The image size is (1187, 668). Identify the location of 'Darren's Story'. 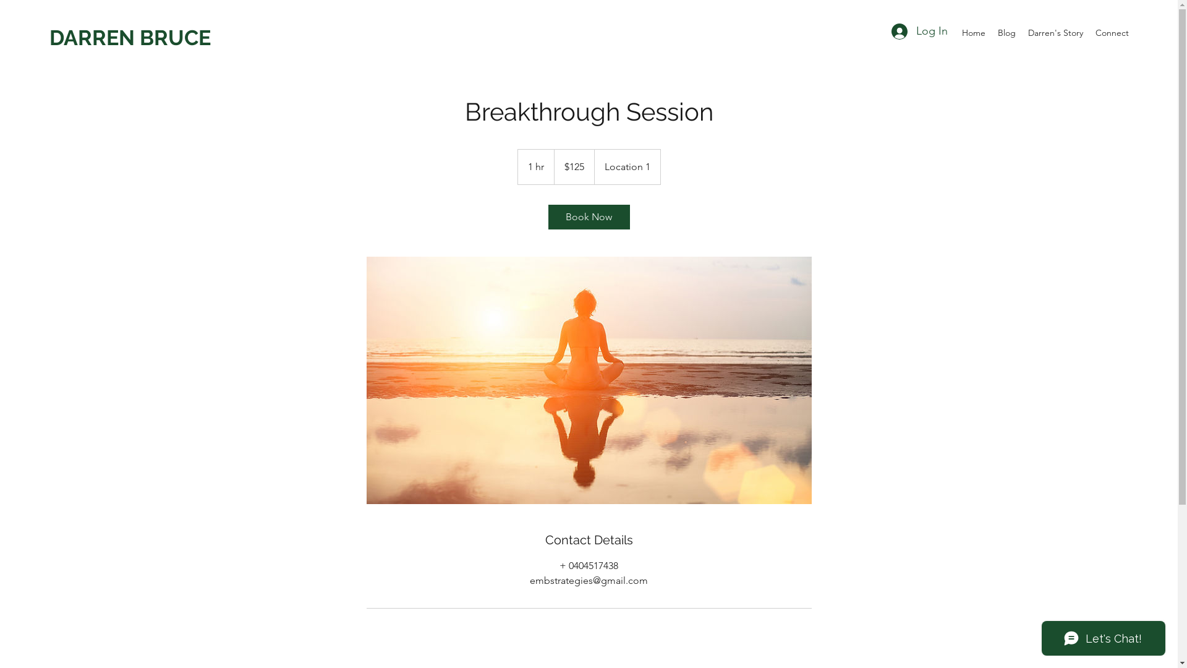
(1021, 32).